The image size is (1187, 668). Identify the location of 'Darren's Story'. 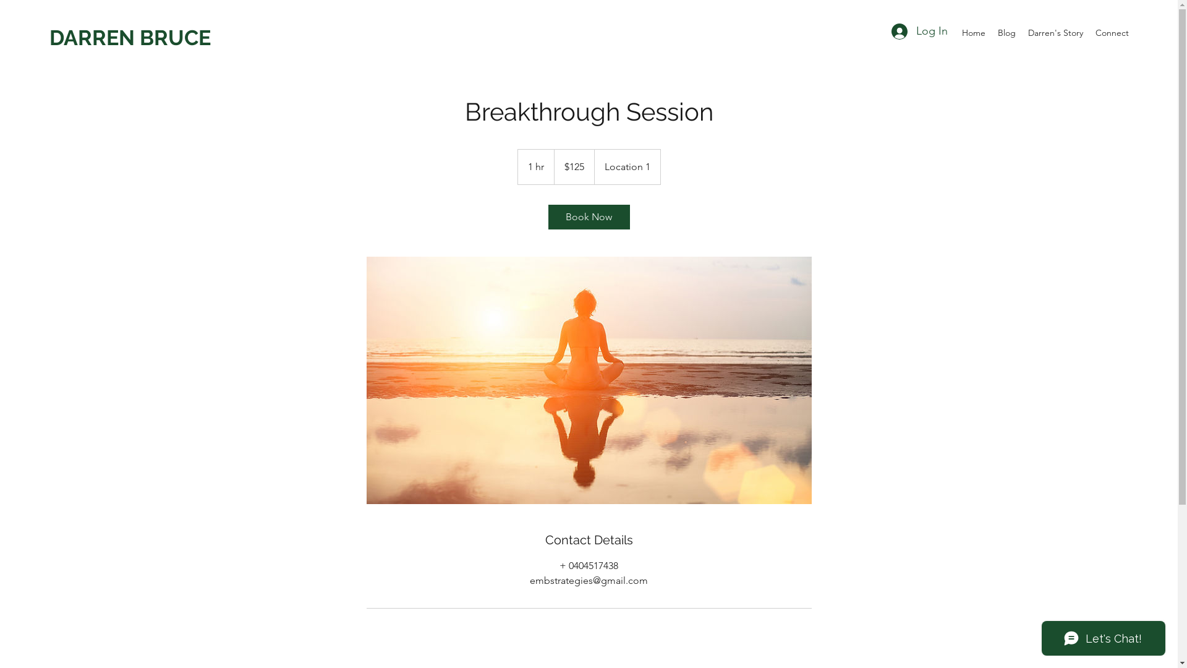
(1021, 32).